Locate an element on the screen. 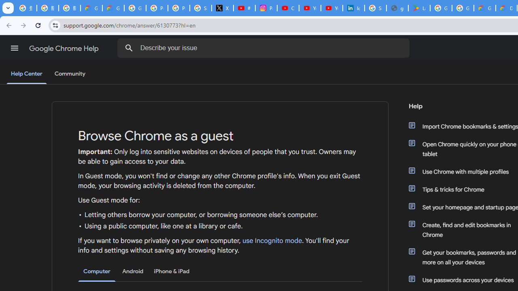  'Google Workspace - Specific Terms' is located at coordinates (463, 8).